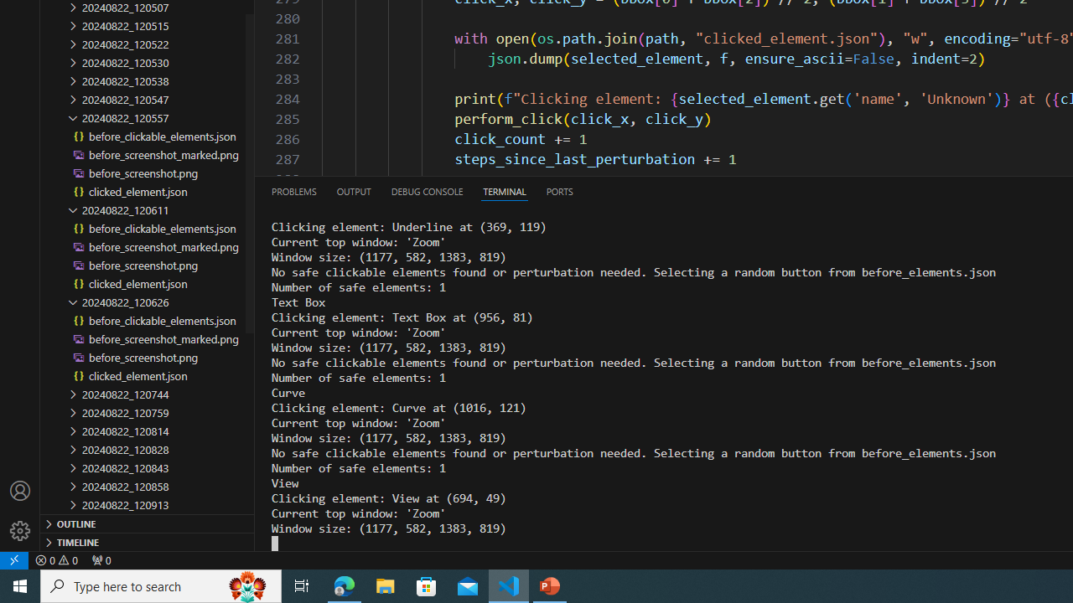  What do you see at coordinates (100, 559) in the screenshot?
I see `'No Ports Forwarded'` at bounding box center [100, 559].